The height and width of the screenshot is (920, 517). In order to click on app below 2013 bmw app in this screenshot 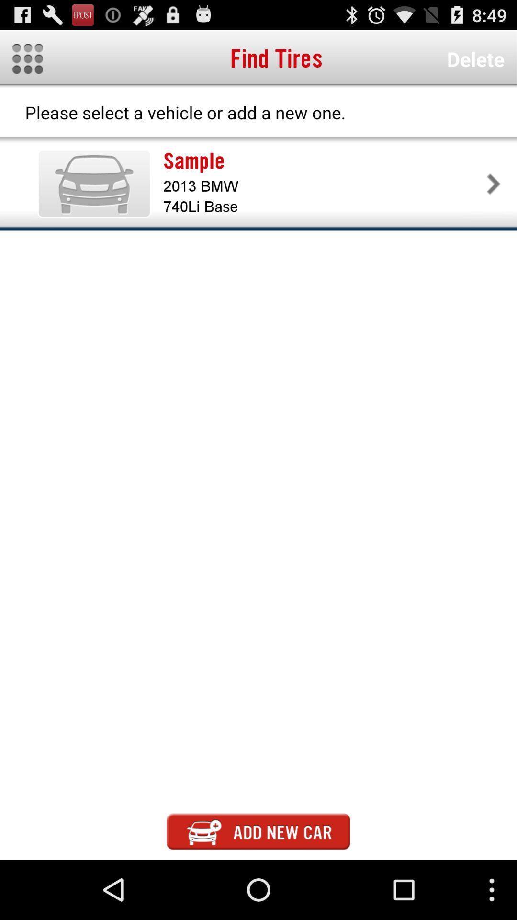, I will do `click(323, 206)`.